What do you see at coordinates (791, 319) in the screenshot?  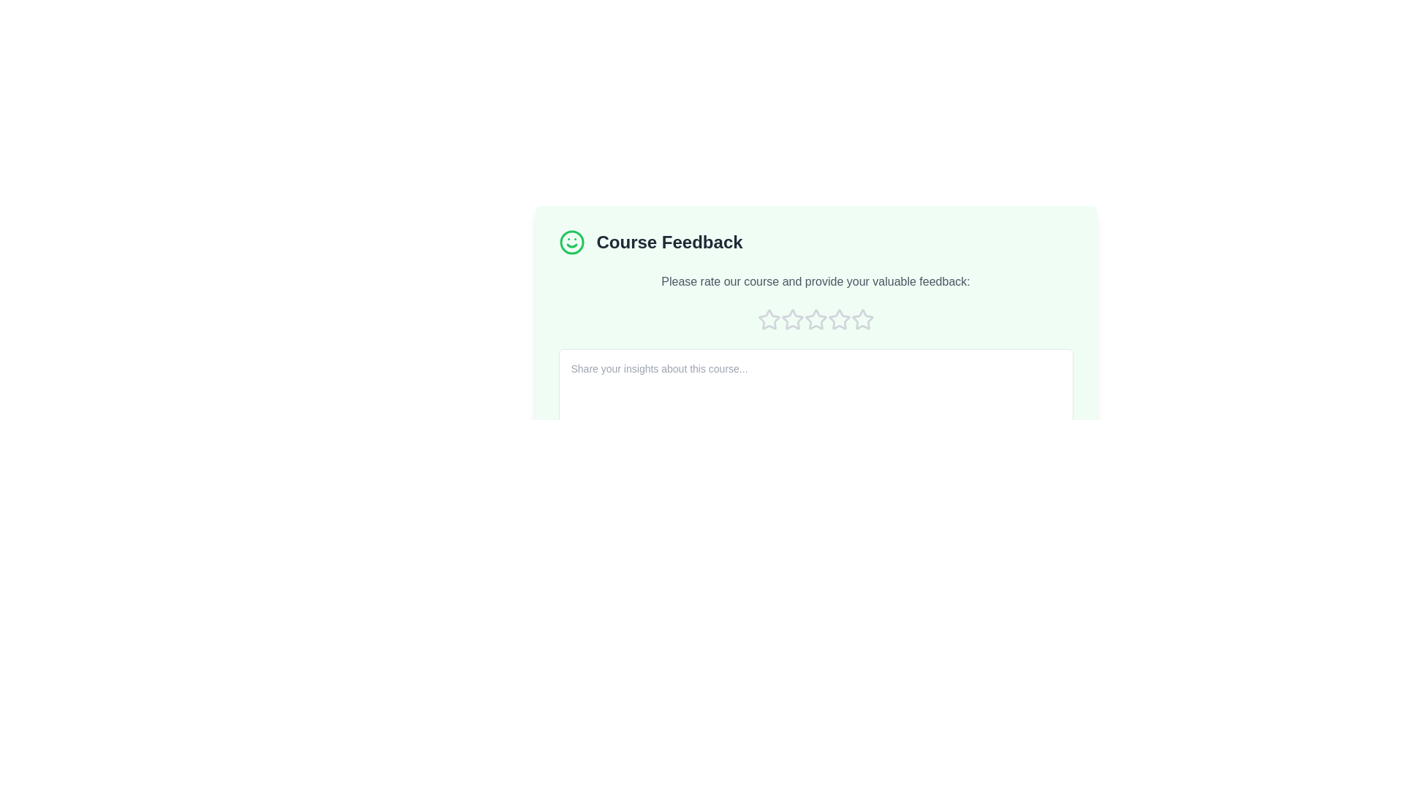 I see `the second star-shaped icon in the rating section of the feedback form` at bounding box center [791, 319].